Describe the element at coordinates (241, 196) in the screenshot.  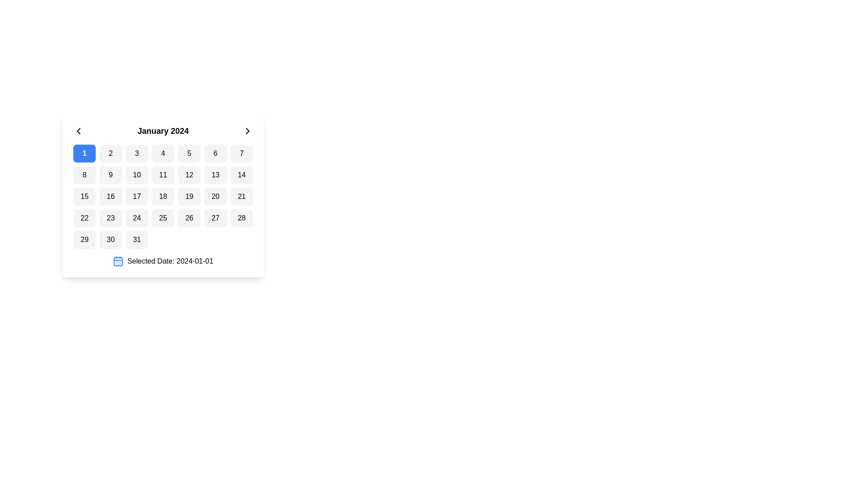
I see `the button displaying the number '21' in a bold font within a rounded rectangle` at that location.